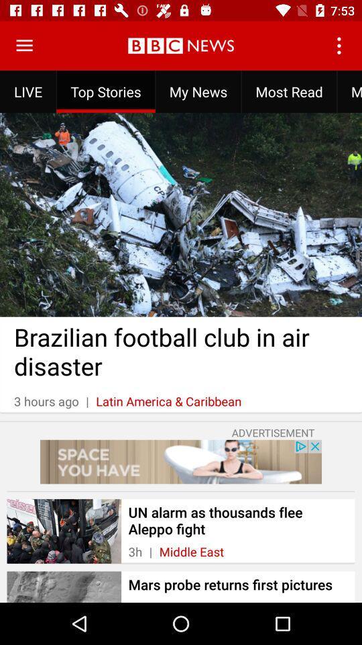 This screenshot has height=645, width=362. What do you see at coordinates (24, 46) in the screenshot?
I see `open the menu` at bounding box center [24, 46].